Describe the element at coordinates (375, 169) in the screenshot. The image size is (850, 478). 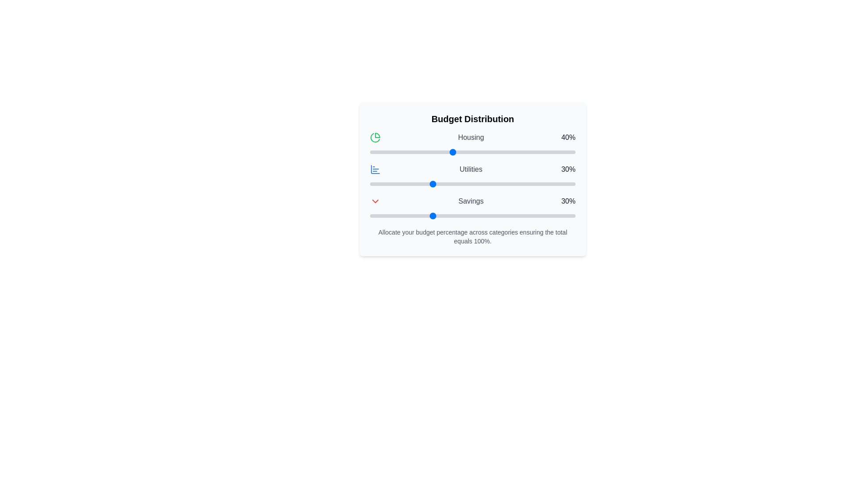
I see `the icon that visually indicates the 'Utilities' budget category, located to the left of the 'Utilities' label and above the 'Savings' section` at that location.